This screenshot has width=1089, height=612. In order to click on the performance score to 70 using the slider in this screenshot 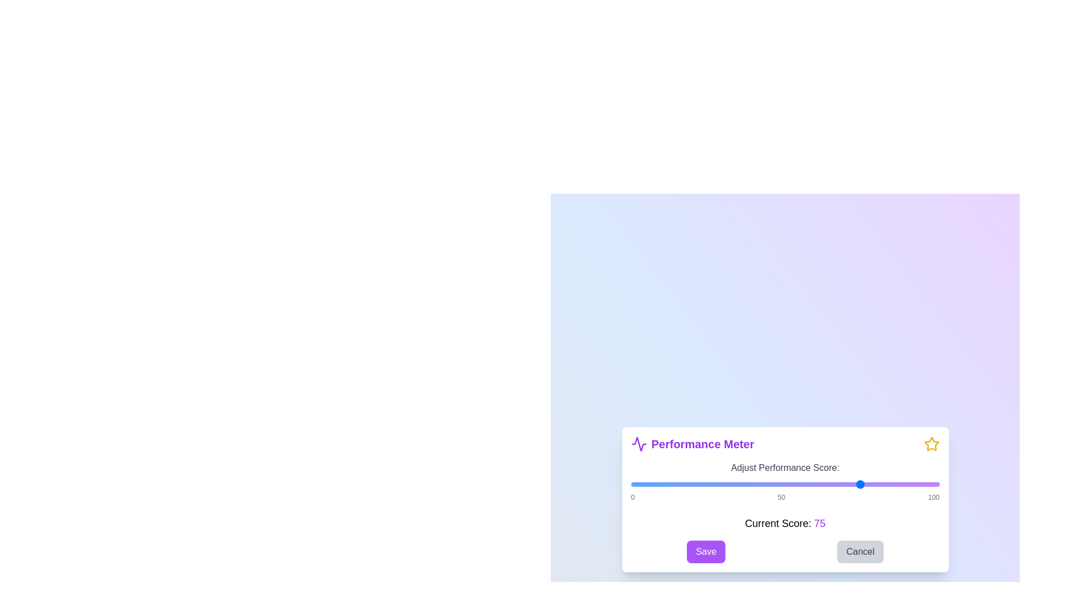, I will do `click(847, 484)`.